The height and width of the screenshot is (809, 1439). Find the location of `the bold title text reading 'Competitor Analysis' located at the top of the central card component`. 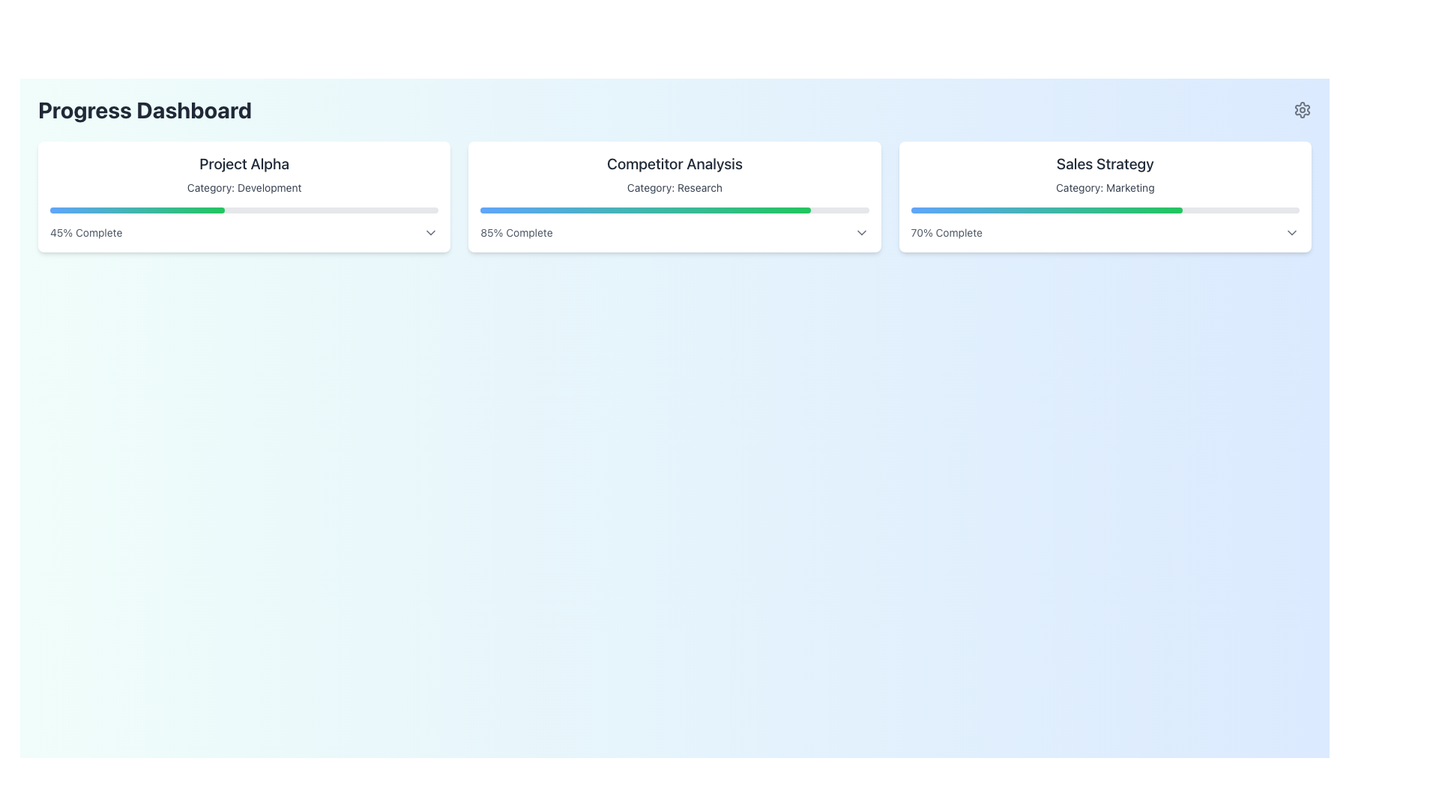

the bold title text reading 'Competitor Analysis' located at the top of the central card component is located at coordinates (674, 164).